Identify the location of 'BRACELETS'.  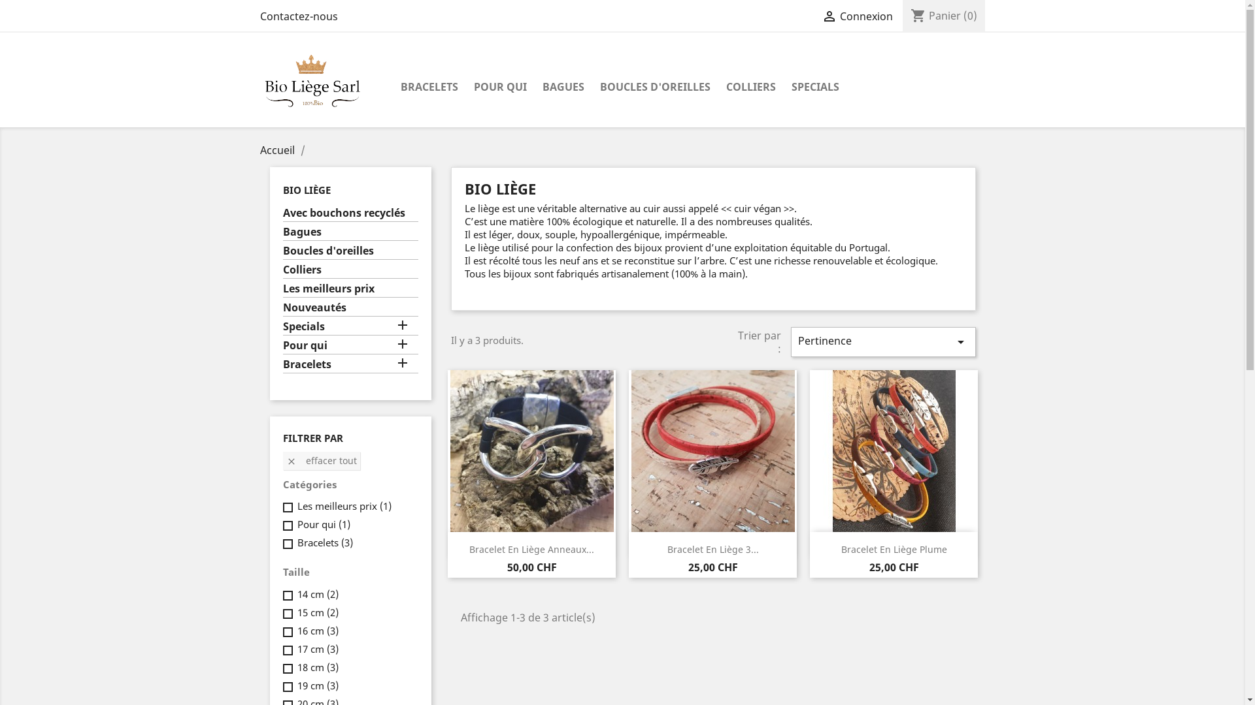
(429, 87).